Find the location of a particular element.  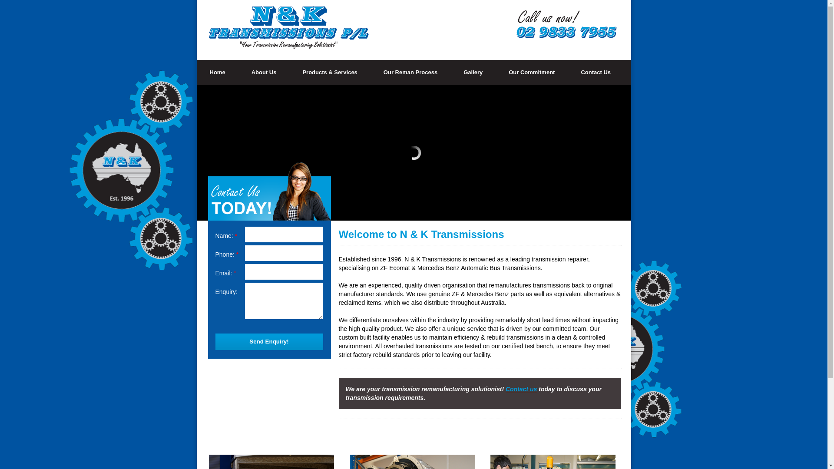

'Home' is located at coordinates (217, 72).